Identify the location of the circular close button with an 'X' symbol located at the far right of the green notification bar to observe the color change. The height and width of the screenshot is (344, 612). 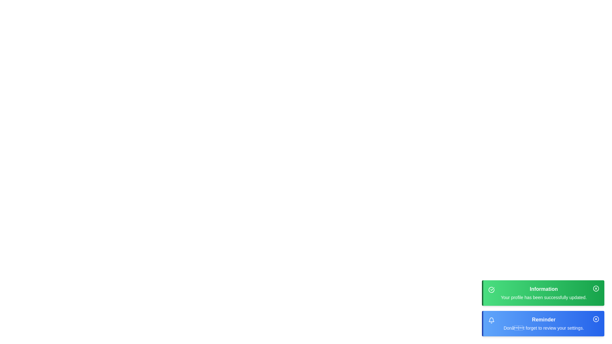
(596, 289).